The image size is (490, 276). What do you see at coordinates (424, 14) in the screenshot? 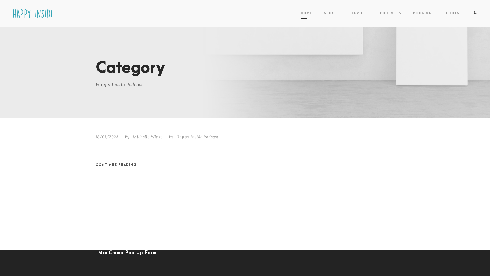
I see `'BOOKINGS'` at bounding box center [424, 14].